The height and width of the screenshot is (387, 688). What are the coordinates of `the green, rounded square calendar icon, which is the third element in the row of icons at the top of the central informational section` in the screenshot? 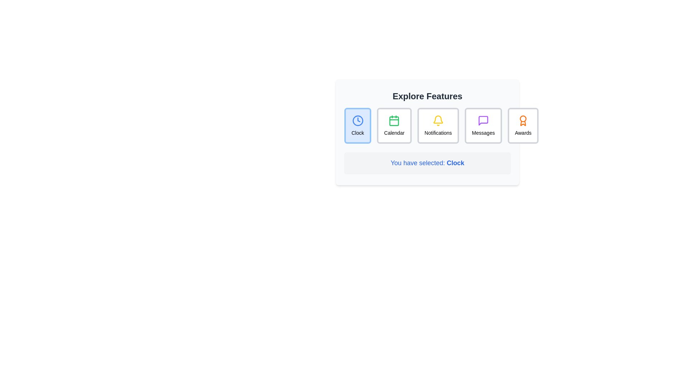 It's located at (394, 121).